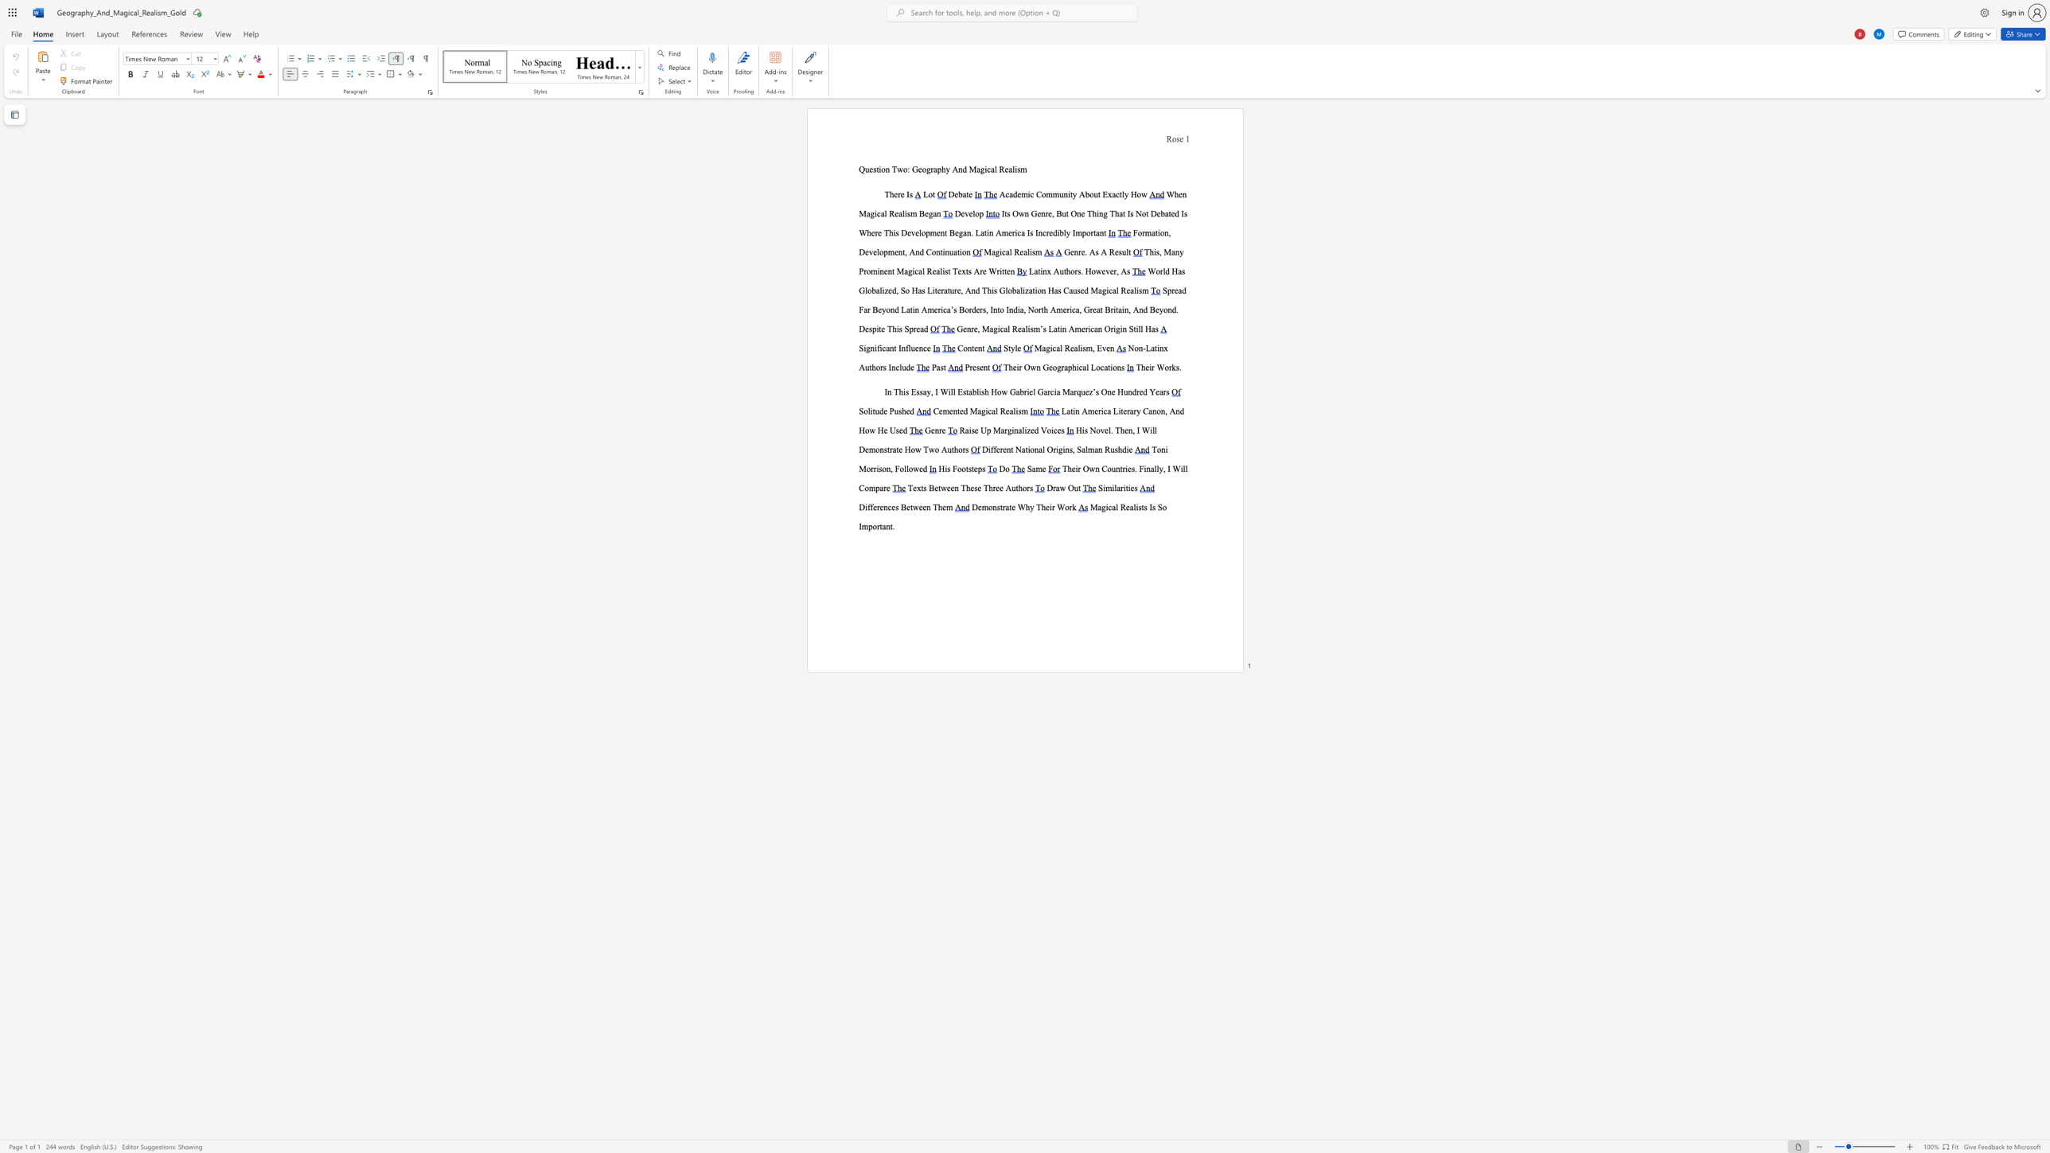 Image resolution: width=2050 pixels, height=1153 pixels. What do you see at coordinates (970, 488) in the screenshot?
I see `the subset text "ese Three A" within the text "Texts Between These Three Authors"` at bounding box center [970, 488].